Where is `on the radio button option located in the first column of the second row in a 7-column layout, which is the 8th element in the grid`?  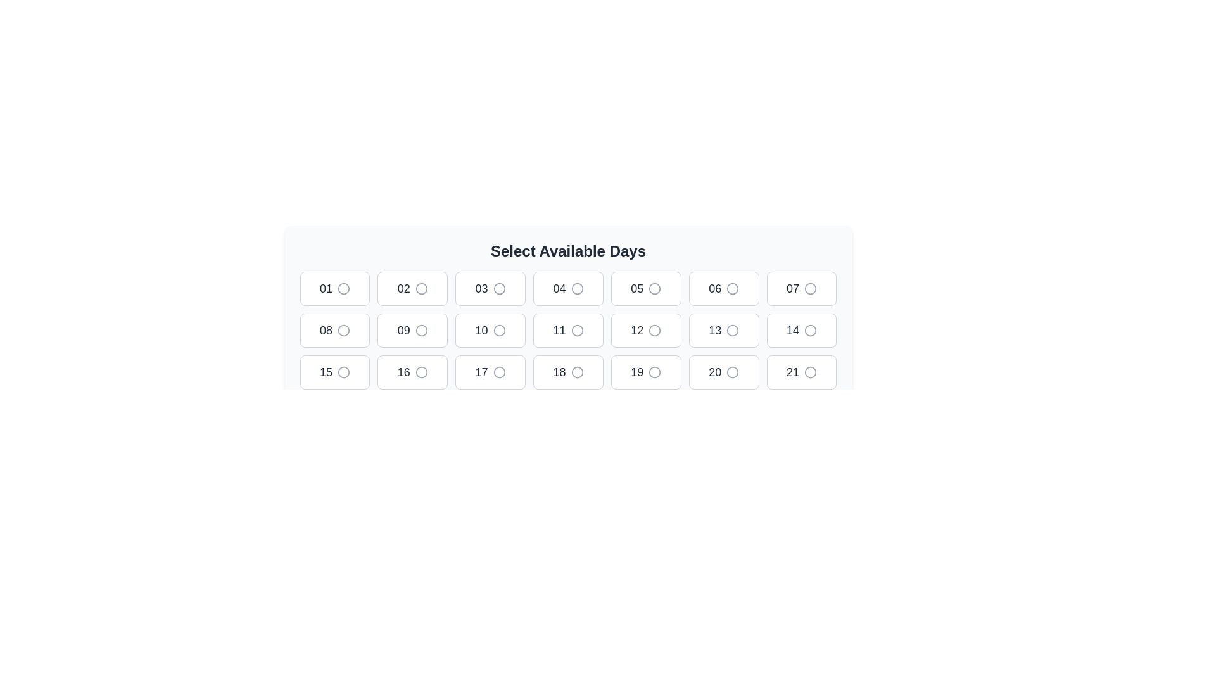 on the radio button option located in the first column of the second row in a 7-column layout, which is the 8th element in the grid is located at coordinates (334, 329).